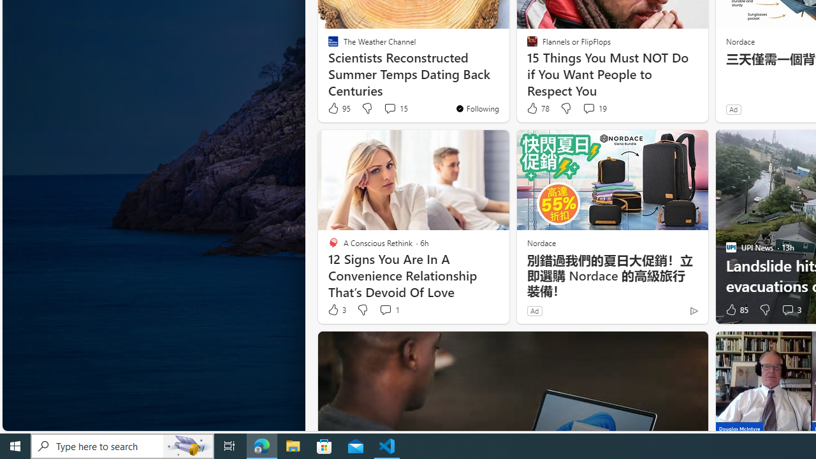 This screenshot has height=459, width=816. Describe the element at coordinates (388, 310) in the screenshot. I see `'View comments 1 Comment'` at that location.